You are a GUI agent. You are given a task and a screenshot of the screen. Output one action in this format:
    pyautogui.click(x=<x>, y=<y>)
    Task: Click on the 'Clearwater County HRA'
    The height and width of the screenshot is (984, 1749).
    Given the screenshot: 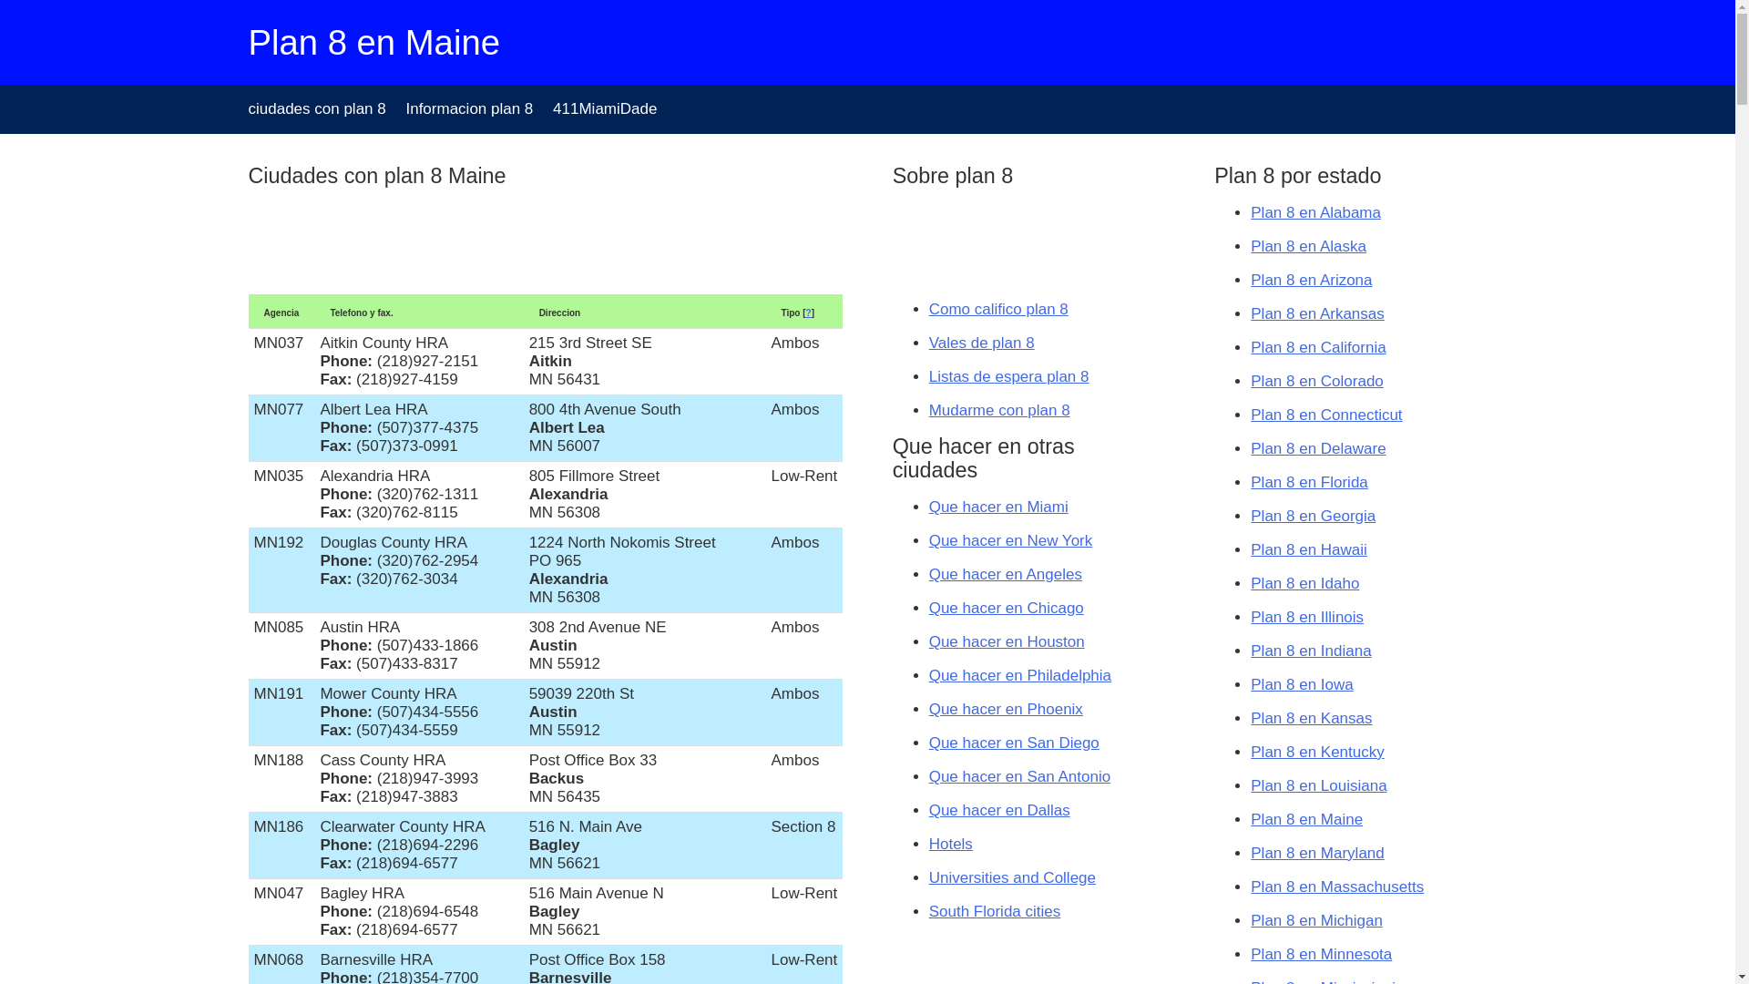 What is the action you would take?
    pyautogui.click(x=401, y=826)
    